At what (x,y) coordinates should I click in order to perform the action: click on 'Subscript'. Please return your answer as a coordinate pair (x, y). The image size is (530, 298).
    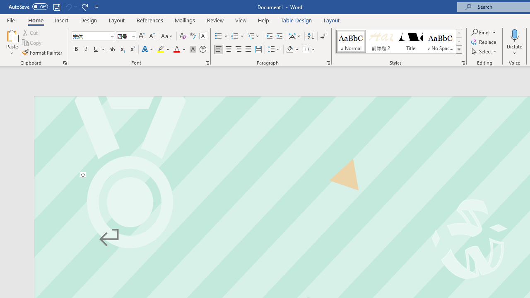
    Looking at the image, I should click on (122, 49).